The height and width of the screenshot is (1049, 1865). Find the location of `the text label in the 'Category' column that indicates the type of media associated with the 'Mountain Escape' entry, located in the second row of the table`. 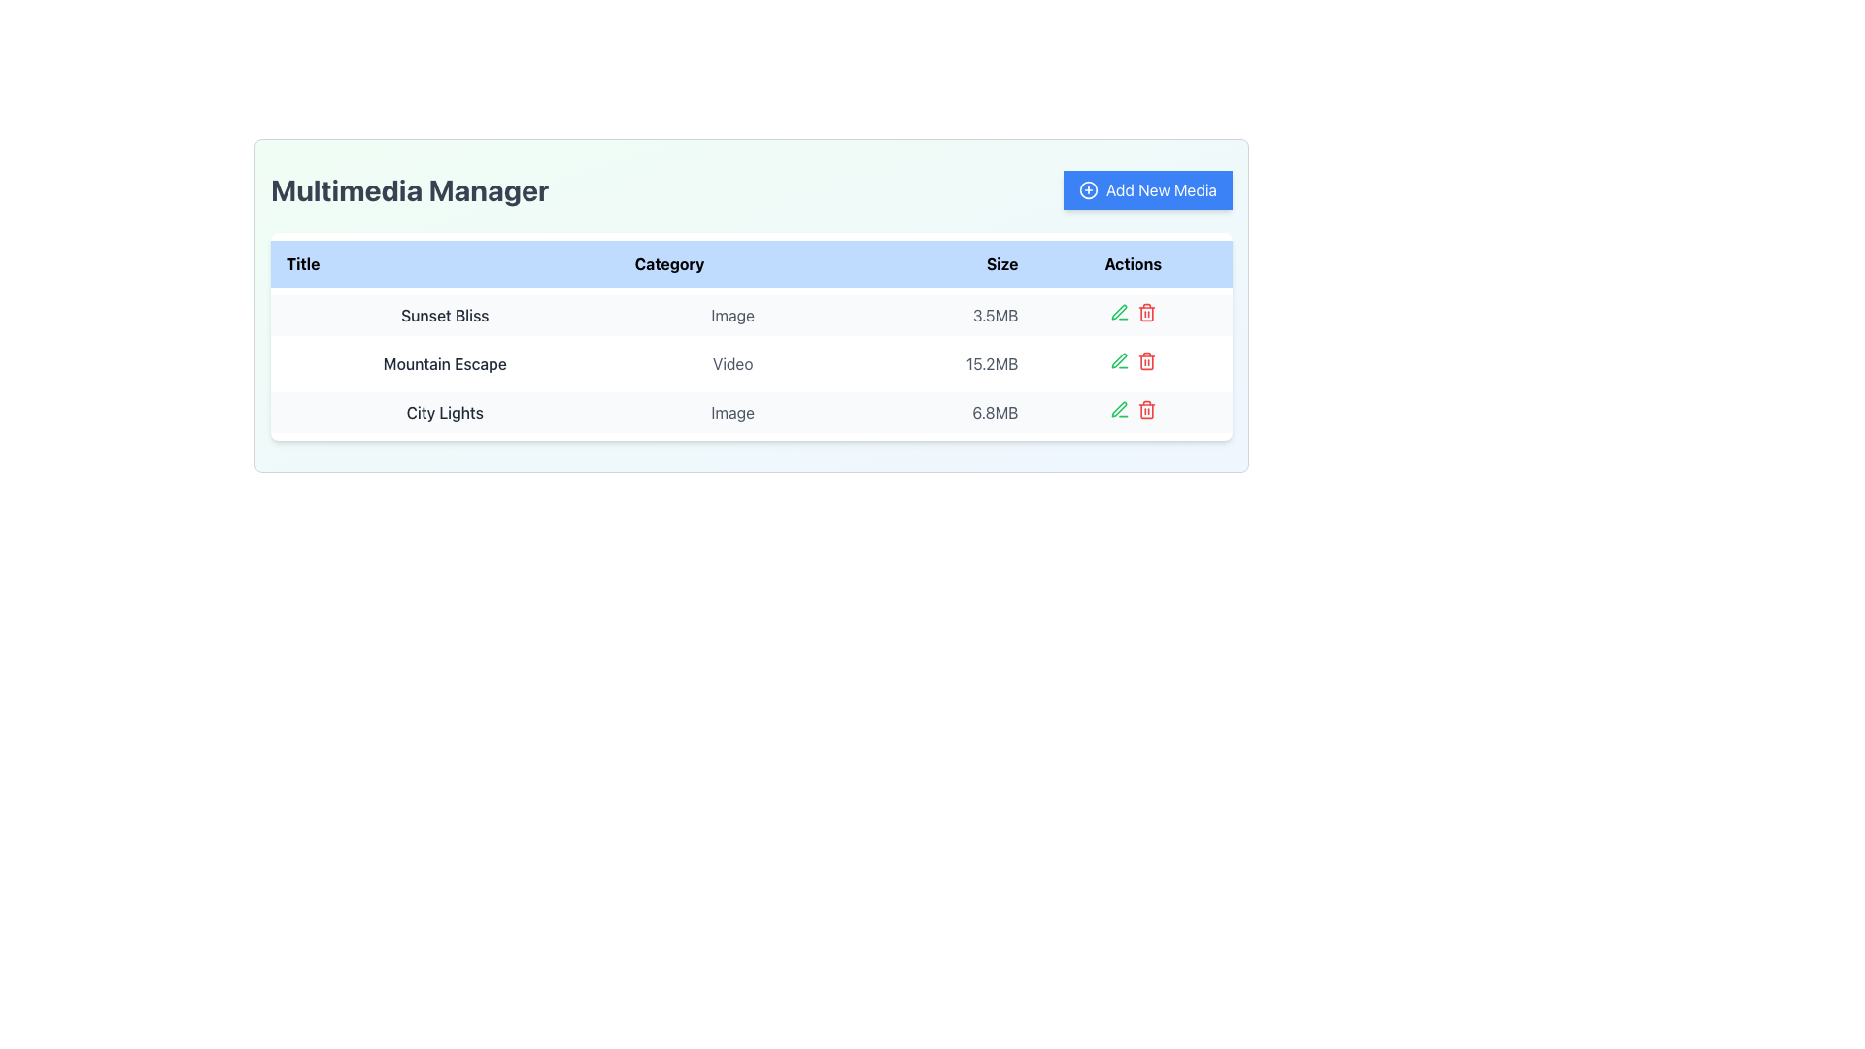

the text label in the 'Category' column that indicates the type of media associated with the 'Mountain Escape' entry, located in the second row of the table is located at coordinates (731, 363).